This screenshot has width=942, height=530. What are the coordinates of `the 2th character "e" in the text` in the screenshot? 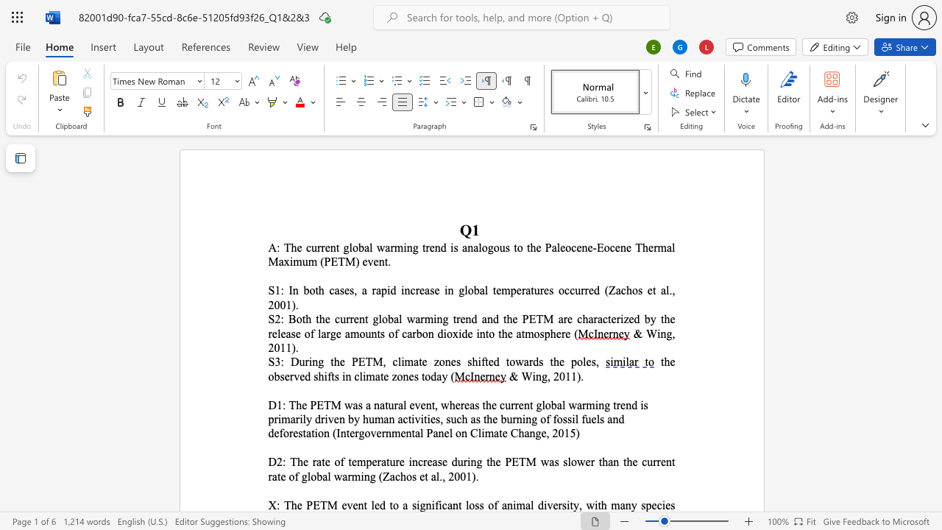 It's located at (614, 318).